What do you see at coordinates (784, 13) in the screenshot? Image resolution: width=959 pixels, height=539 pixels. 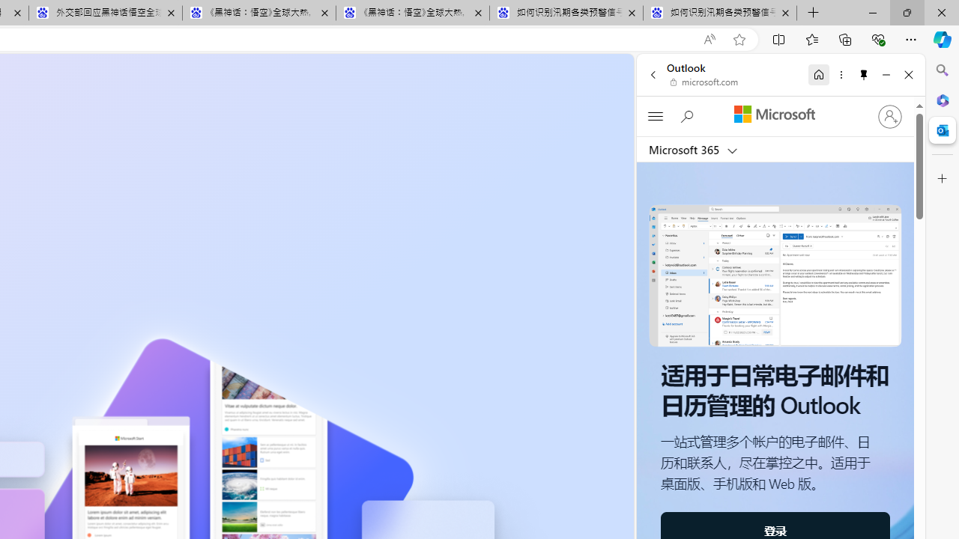 I see `'Close tab'` at bounding box center [784, 13].